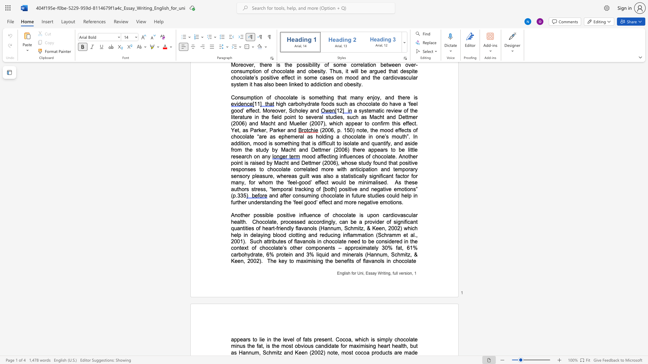  Describe the element at coordinates (405, 254) in the screenshot. I see `the subset text "itz," within the text "mitz, & Keen, 2002)"` at that location.